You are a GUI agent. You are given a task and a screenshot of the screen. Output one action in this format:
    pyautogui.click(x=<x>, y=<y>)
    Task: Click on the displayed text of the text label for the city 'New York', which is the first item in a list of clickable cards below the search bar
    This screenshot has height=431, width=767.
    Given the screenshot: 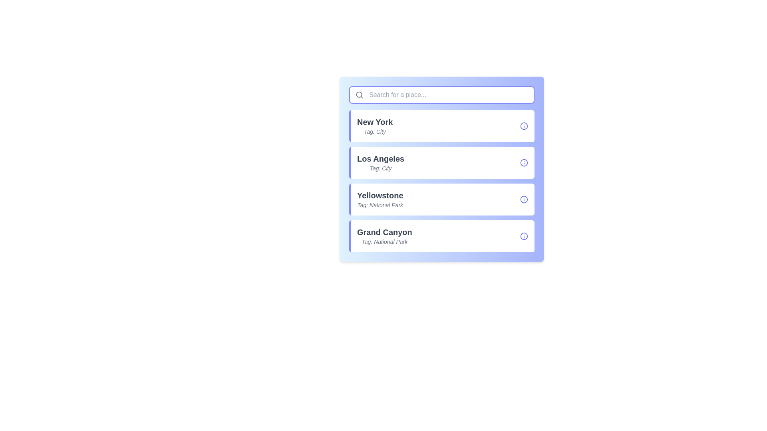 What is the action you would take?
    pyautogui.click(x=374, y=126)
    